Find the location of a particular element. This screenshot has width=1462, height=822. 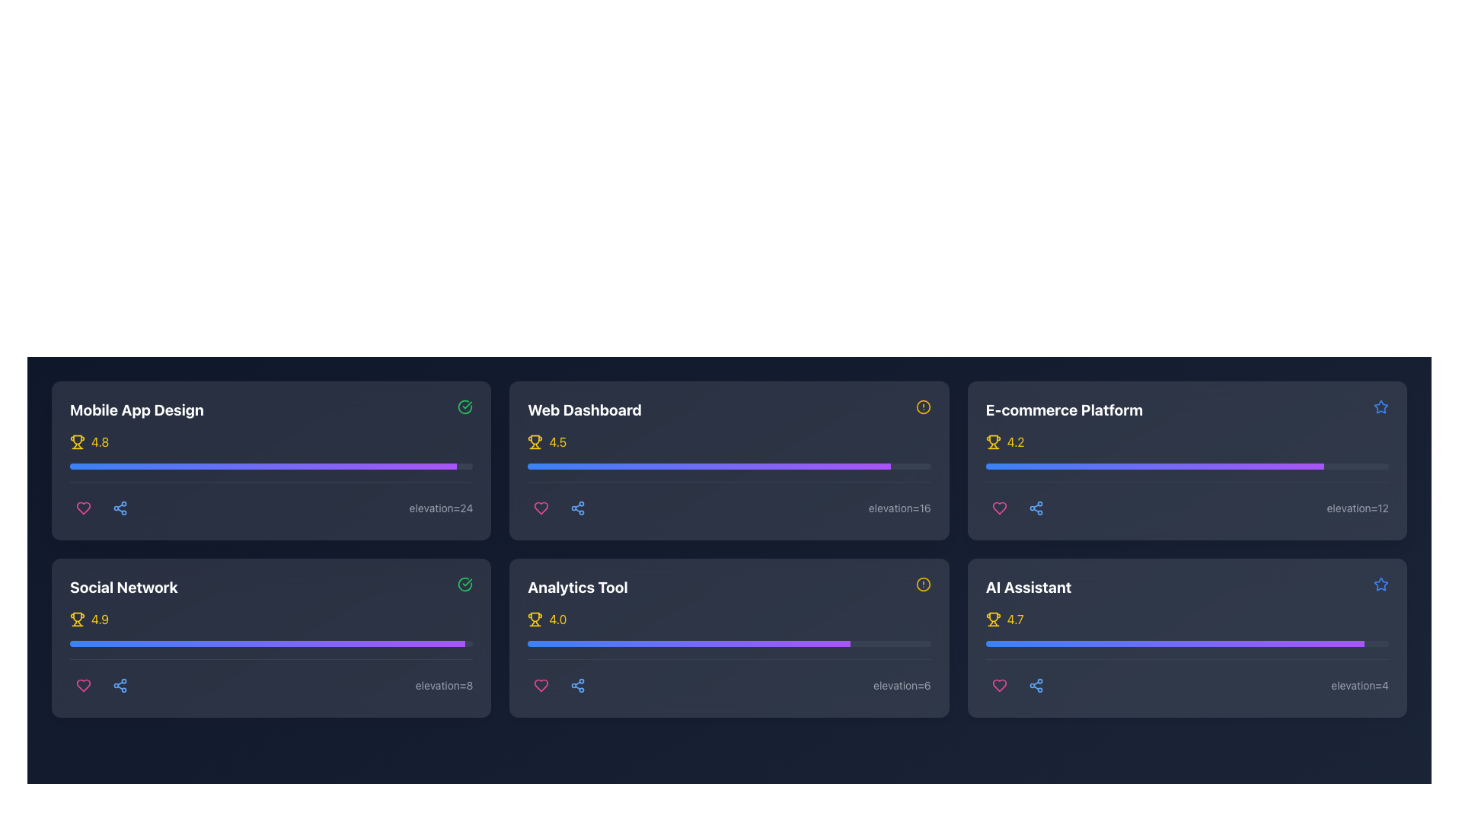

the 'Mobile App Design' card component, which is the first card in the grid layout, located at the top-left corner and contains interactive icons for liking or sharing is located at coordinates (271, 460).